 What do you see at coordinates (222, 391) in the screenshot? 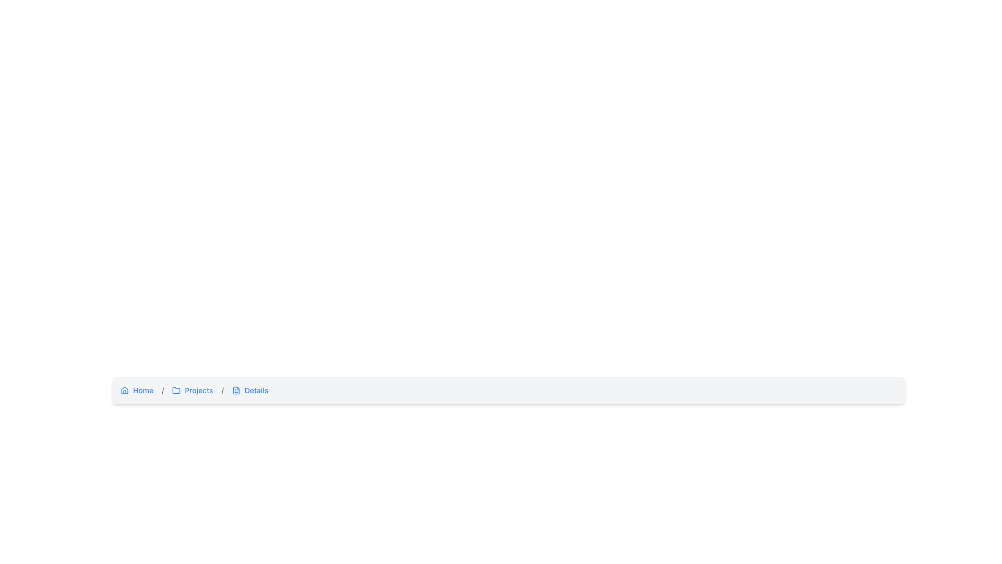
I see `the visual delimiter element located between 'Projects' and 'Details' in the breadcrumb navigation bar near the top center of the UI` at bounding box center [222, 391].